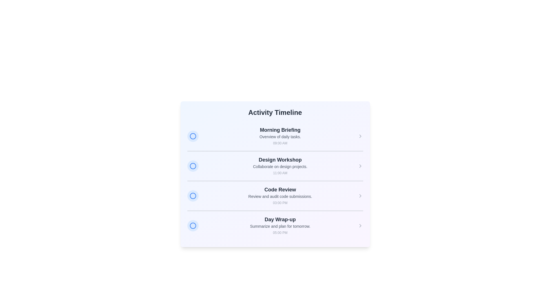 Image resolution: width=541 pixels, height=304 pixels. Describe the element at coordinates (280, 219) in the screenshot. I see `the bold text component displaying the title 'Day Wrap-up' located in the 'Activity Timeline' section` at that location.